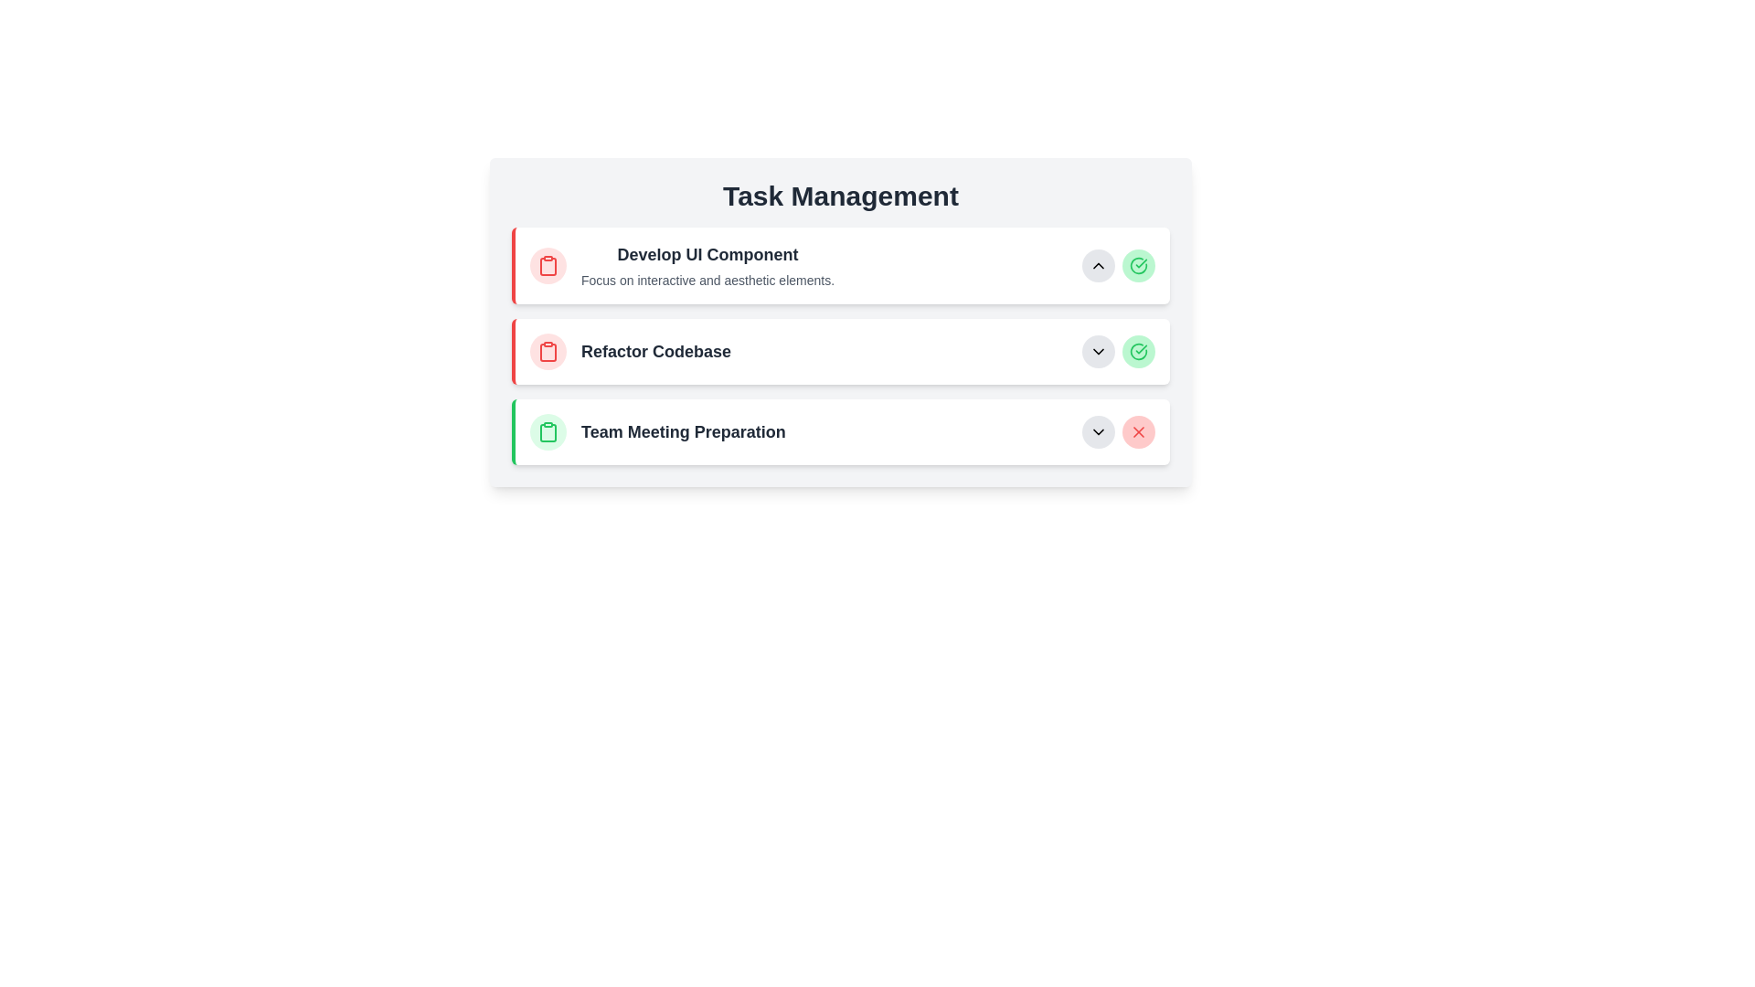  I want to click on the descriptive text element containing 'Develop UI Component' and 'Focus on interactive and aesthetic elements.' located at the top of the task list section under 'Task Management.', so click(707, 265).